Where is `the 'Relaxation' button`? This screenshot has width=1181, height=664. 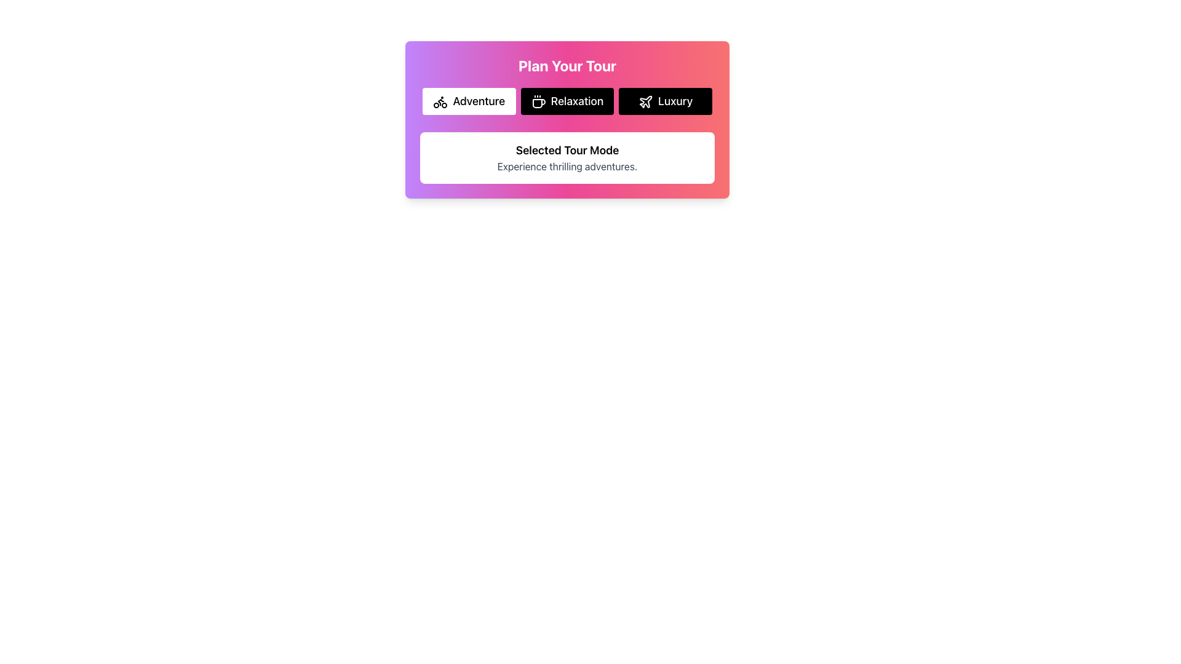
the 'Relaxation' button is located at coordinates (567, 101).